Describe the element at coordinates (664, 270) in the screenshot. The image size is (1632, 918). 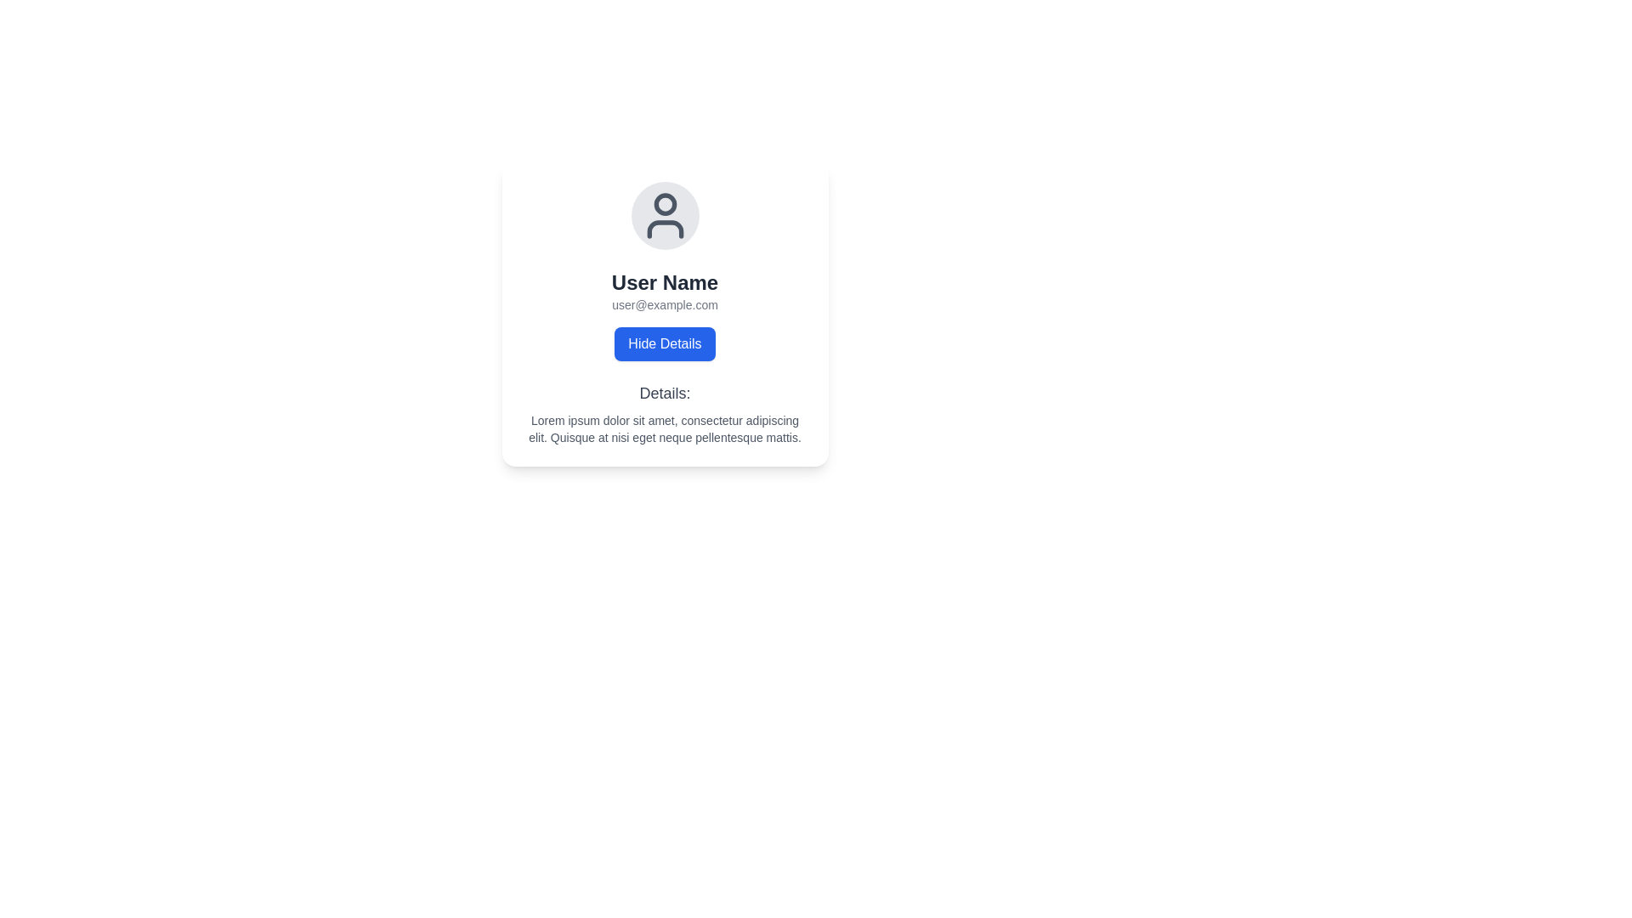
I see `user information presented in the Composite UI element containing an icon, centered text 'User Name' and 'user@example.com', and a blue button labeled 'Hide Details'` at that location.